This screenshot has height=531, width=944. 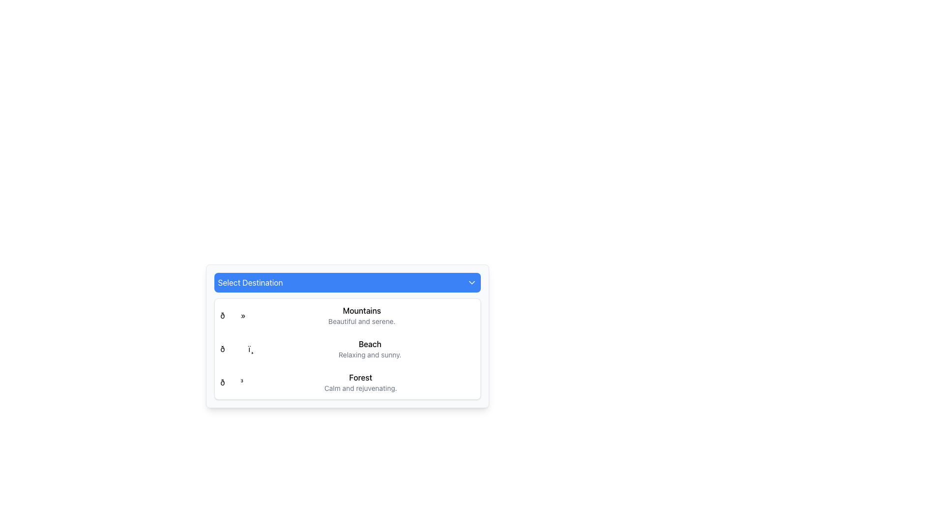 I want to click on descriptive text element located beneath the heading 'Forest' in the dropdown menu, which serves to provide additional context about the destination, so click(x=360, y=388).